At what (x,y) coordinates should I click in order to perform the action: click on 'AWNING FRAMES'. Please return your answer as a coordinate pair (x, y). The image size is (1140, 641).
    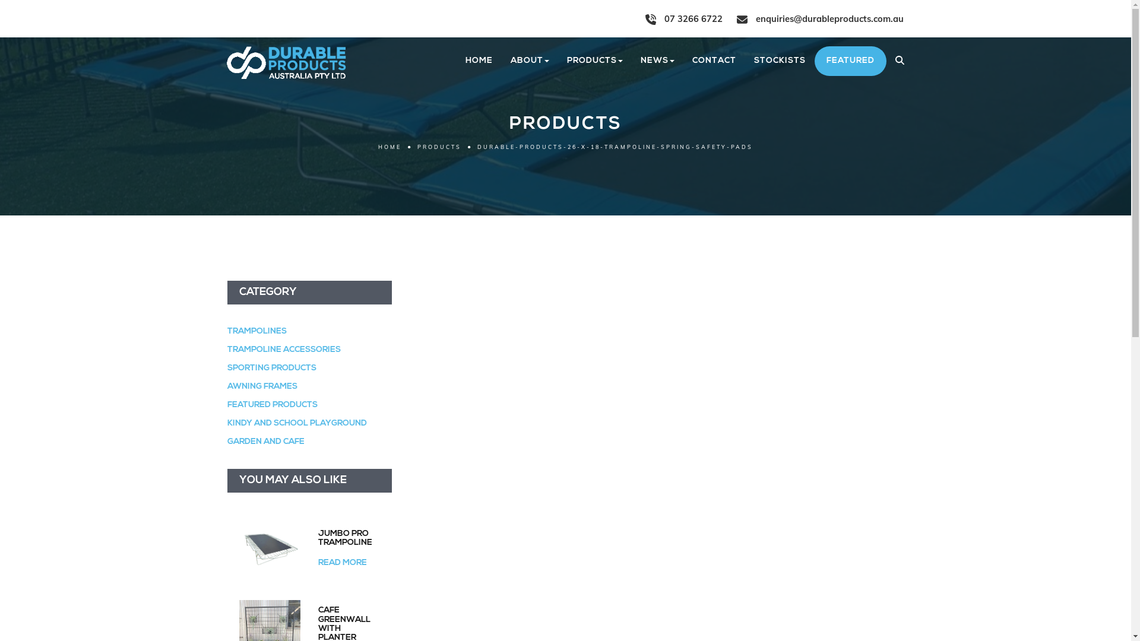
    Looking at the image, I should click on (261, 386).